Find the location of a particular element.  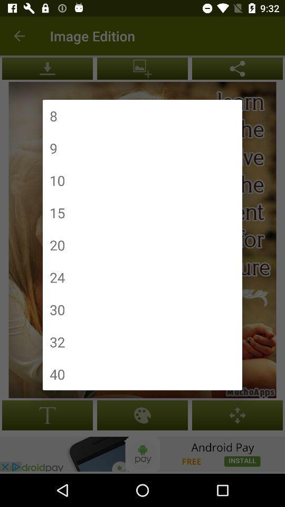

the 24 item is located at coordinates (57, 277).